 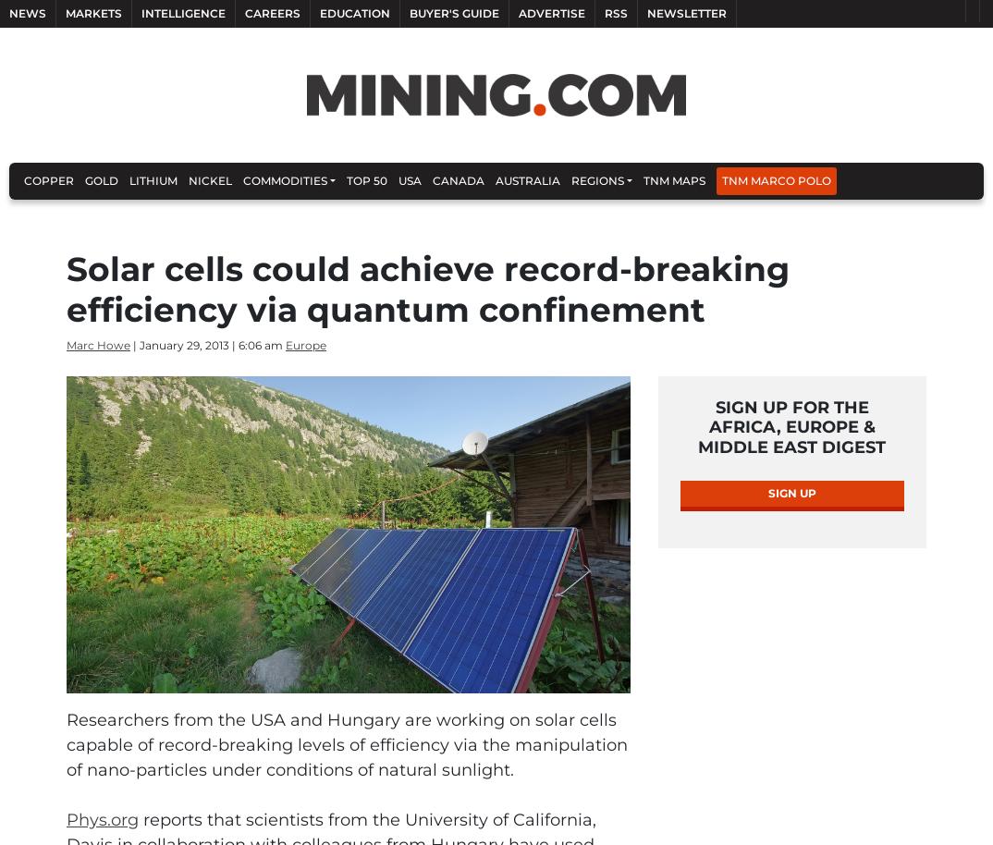 What do you see at coordinates (615, 13) in the screenshot?
I see `'RSS'` at bounding box center [615, 13].